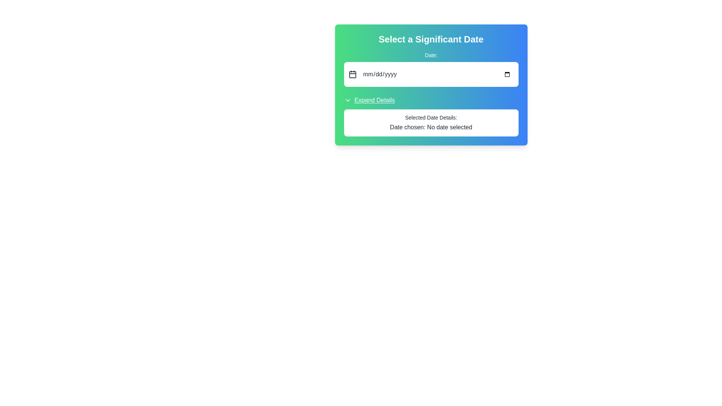 The width and height of the screenshot is (722, 406). What do you see at coordinates (347, 100) in the screenshot?
I see `the chevron icon located to the left of the 'Expand Details' text` at bounding box center [347, 100].